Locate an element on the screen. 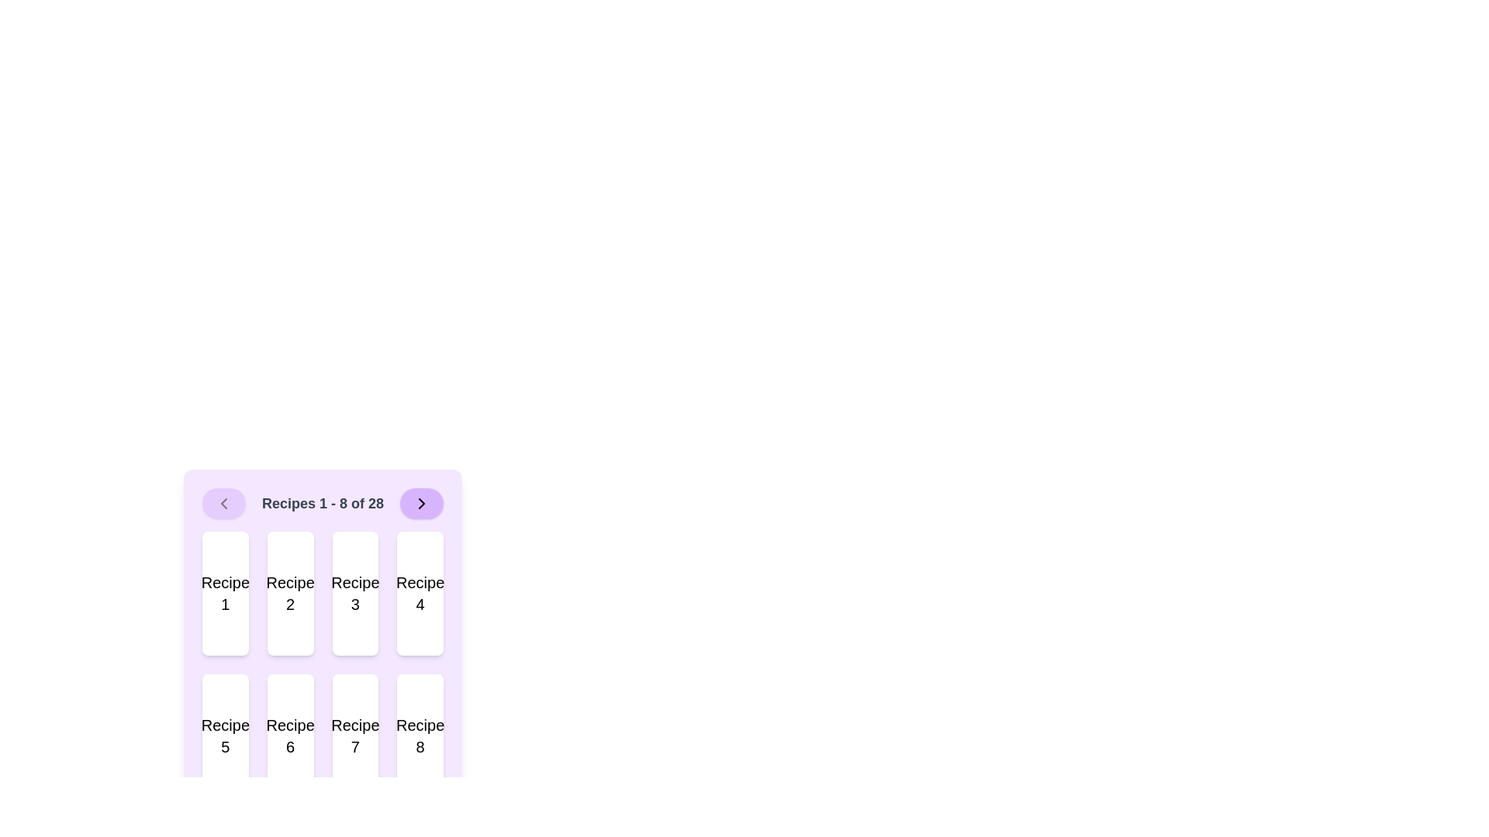  the Card element for 'Recipe 1' located in the top-left corner of the grid is located at coordinates (224, 593).